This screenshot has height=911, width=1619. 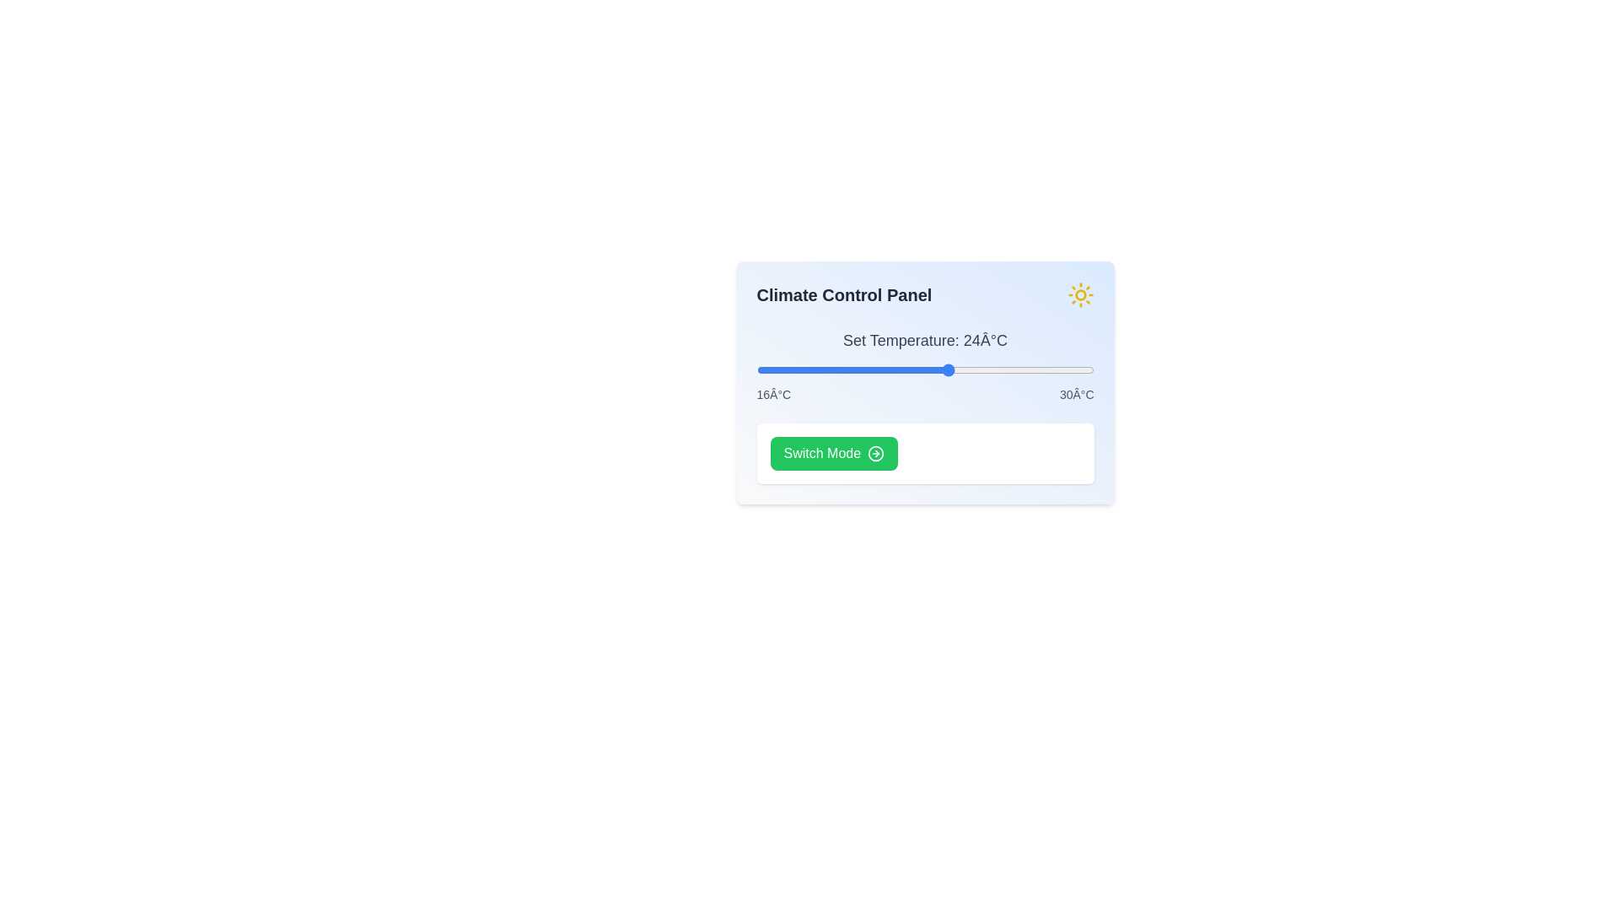 What do you see at coordinates (1076, 394) in the screenshot?
I see `static text label displaying '30°C', which is gray in color and located on a light blue background, adjacent to a slider component` at bounding box center [1076, 394].